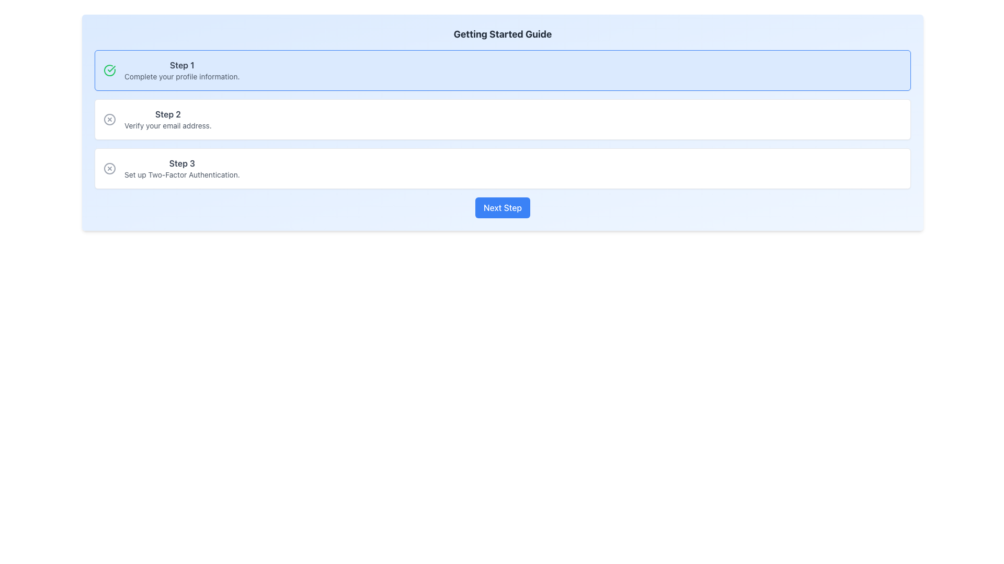  What do you see at coordinates (110, 119) in the screenshot?
I see `the outer circular border of the status indicator icon located to the left of 'Step 2' in the step-by-step guide interface` at bounding box center [110, 119].